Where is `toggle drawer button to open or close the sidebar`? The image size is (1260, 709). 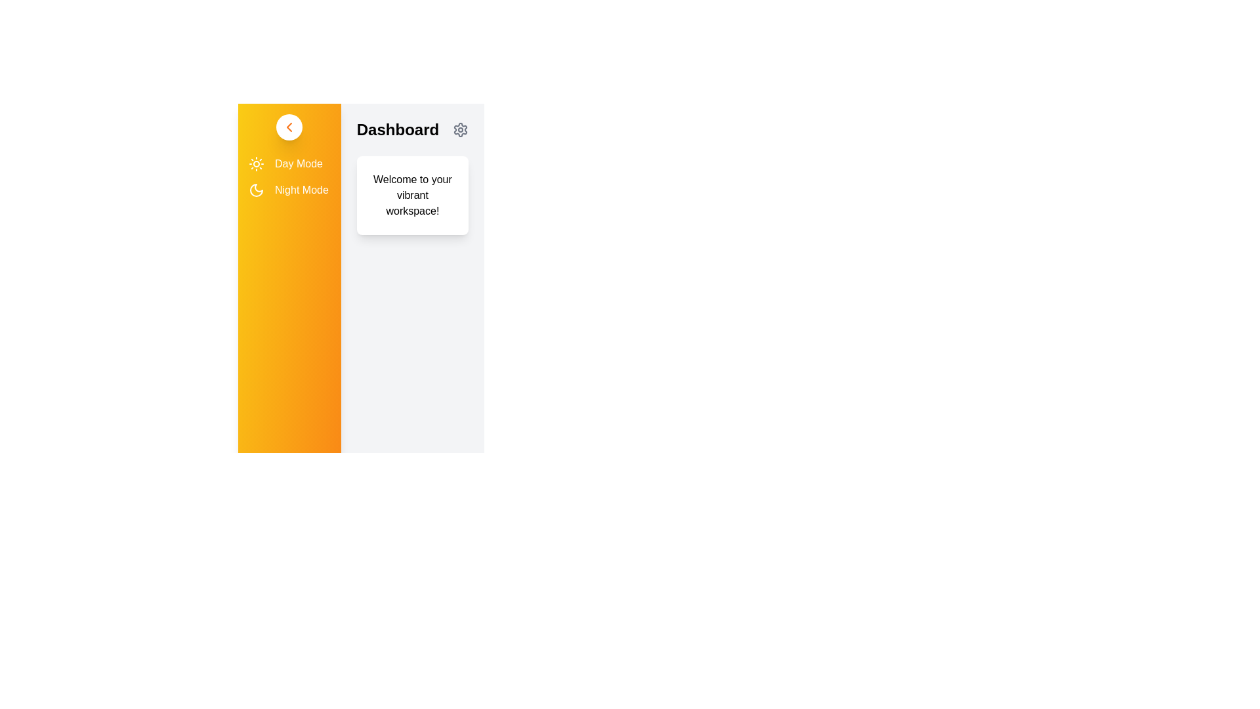 toggle drawer button to open or close the sidebar is located at coordinates (289, 127).